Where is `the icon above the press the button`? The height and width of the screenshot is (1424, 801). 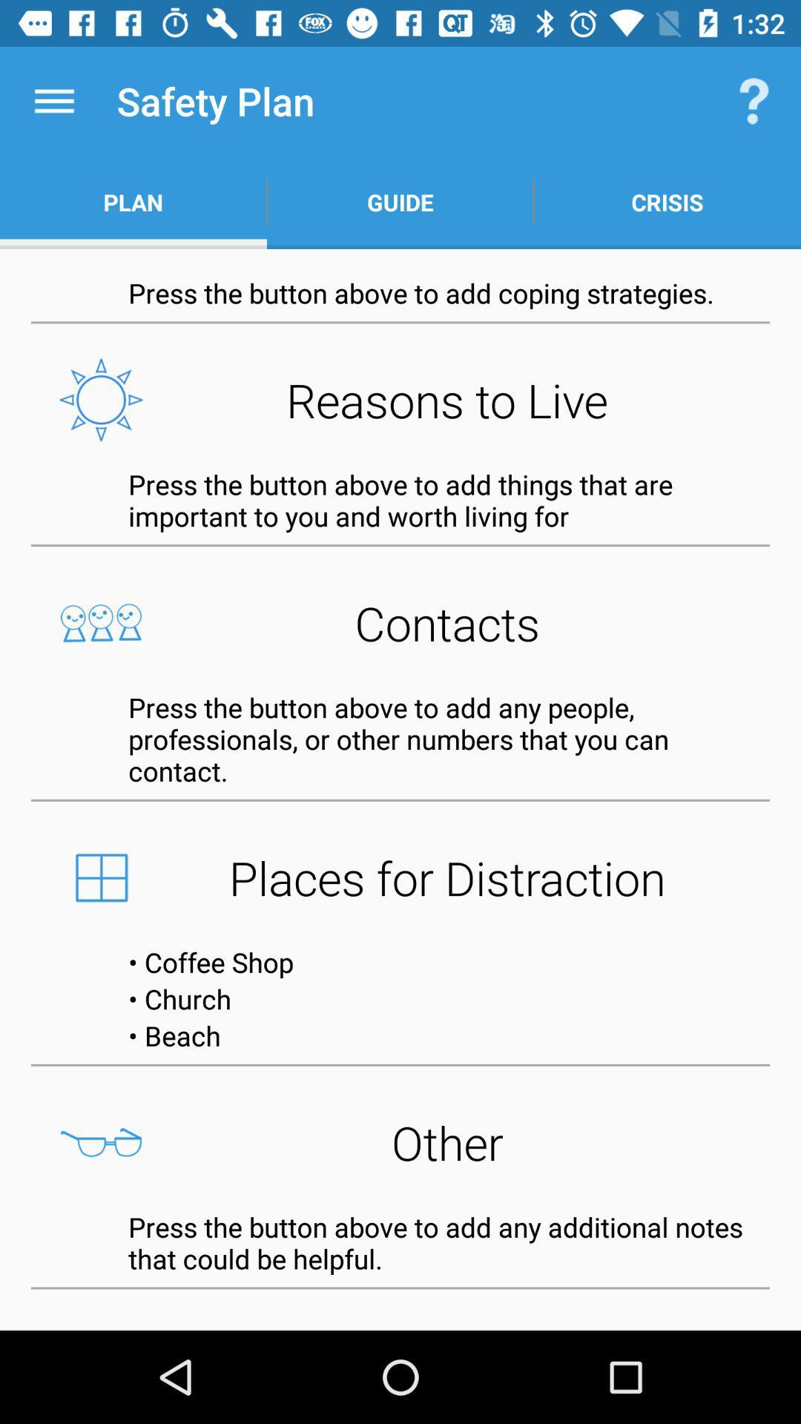
the icon above the press the button is located at coordinates (400, 202).